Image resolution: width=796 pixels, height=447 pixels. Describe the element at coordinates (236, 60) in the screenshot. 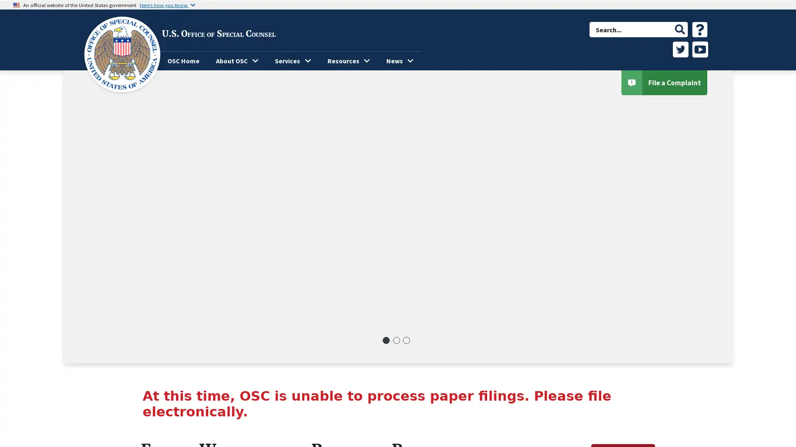

I see `About OSC` at that location.